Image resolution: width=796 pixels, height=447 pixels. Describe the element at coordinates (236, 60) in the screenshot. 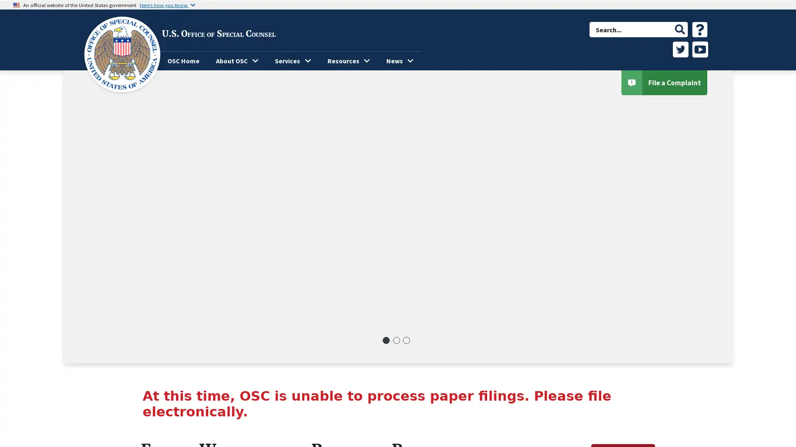

I see `About OSC` at that location.